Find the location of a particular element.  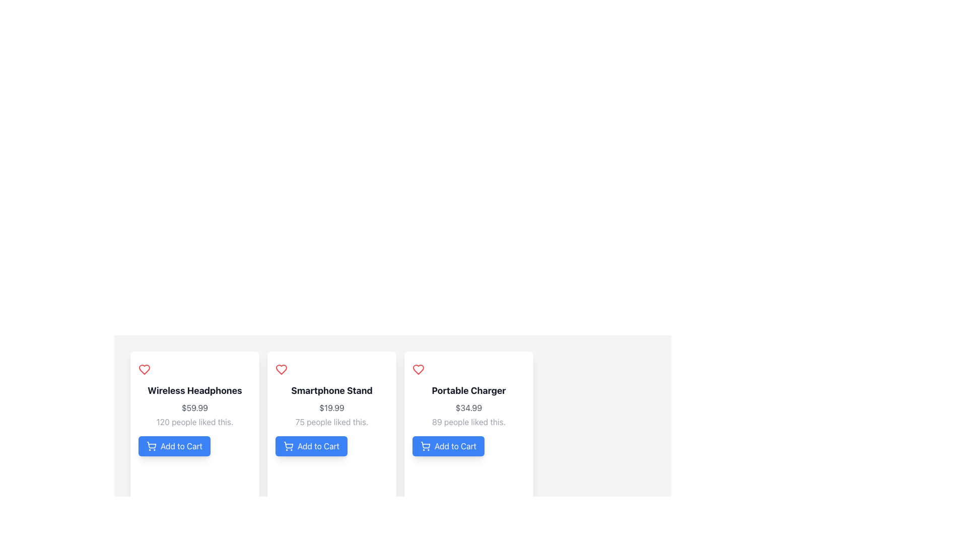

the displayed price on the text label located below the title 'Wireless Headphones' in the leftmost card is located at coordinates (195, 408).